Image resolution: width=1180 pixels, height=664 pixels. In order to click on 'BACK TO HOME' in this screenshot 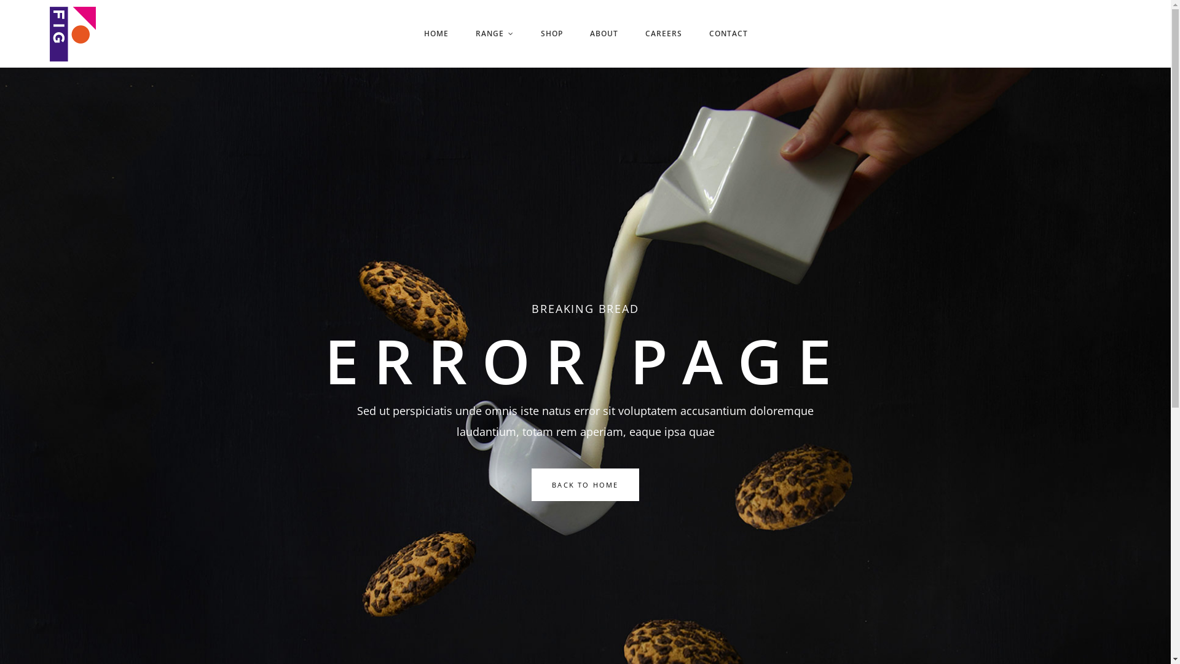, I will do `click(584, 484)`.